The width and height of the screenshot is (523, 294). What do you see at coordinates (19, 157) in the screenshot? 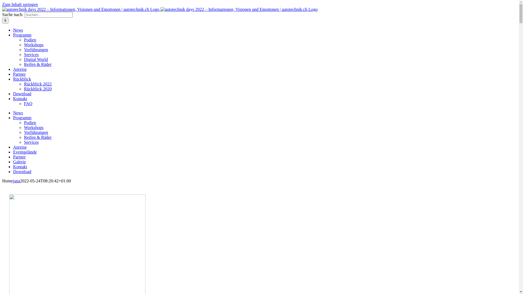
I see `'Partner'` at bounding box center [19, 157].